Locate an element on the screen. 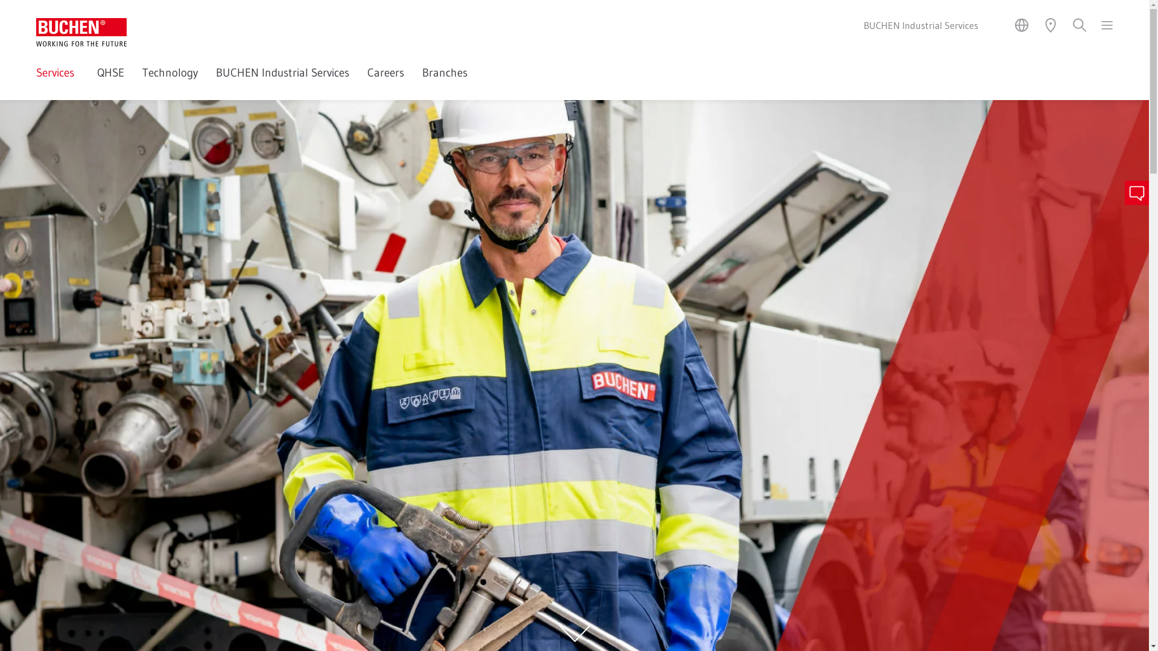 This screenshot has height=651, width=1158. 'Technology' is located at coordinates (169, 81).